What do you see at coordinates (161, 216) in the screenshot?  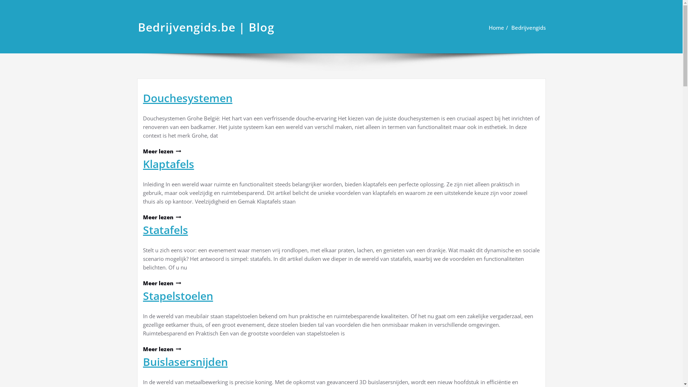 I see `'Meer lezen'` at bounding box center [161, 216].